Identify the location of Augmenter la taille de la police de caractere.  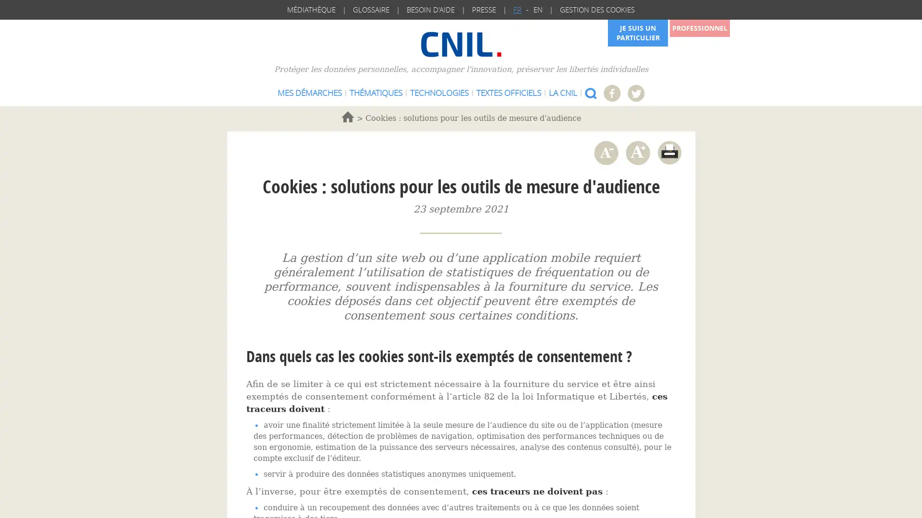
(637, 152).